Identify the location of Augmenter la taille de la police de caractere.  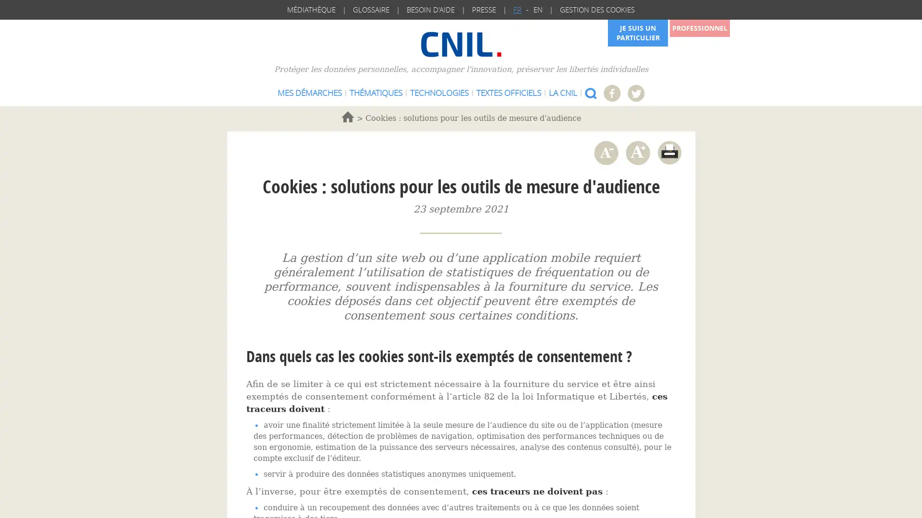
(637, 152).